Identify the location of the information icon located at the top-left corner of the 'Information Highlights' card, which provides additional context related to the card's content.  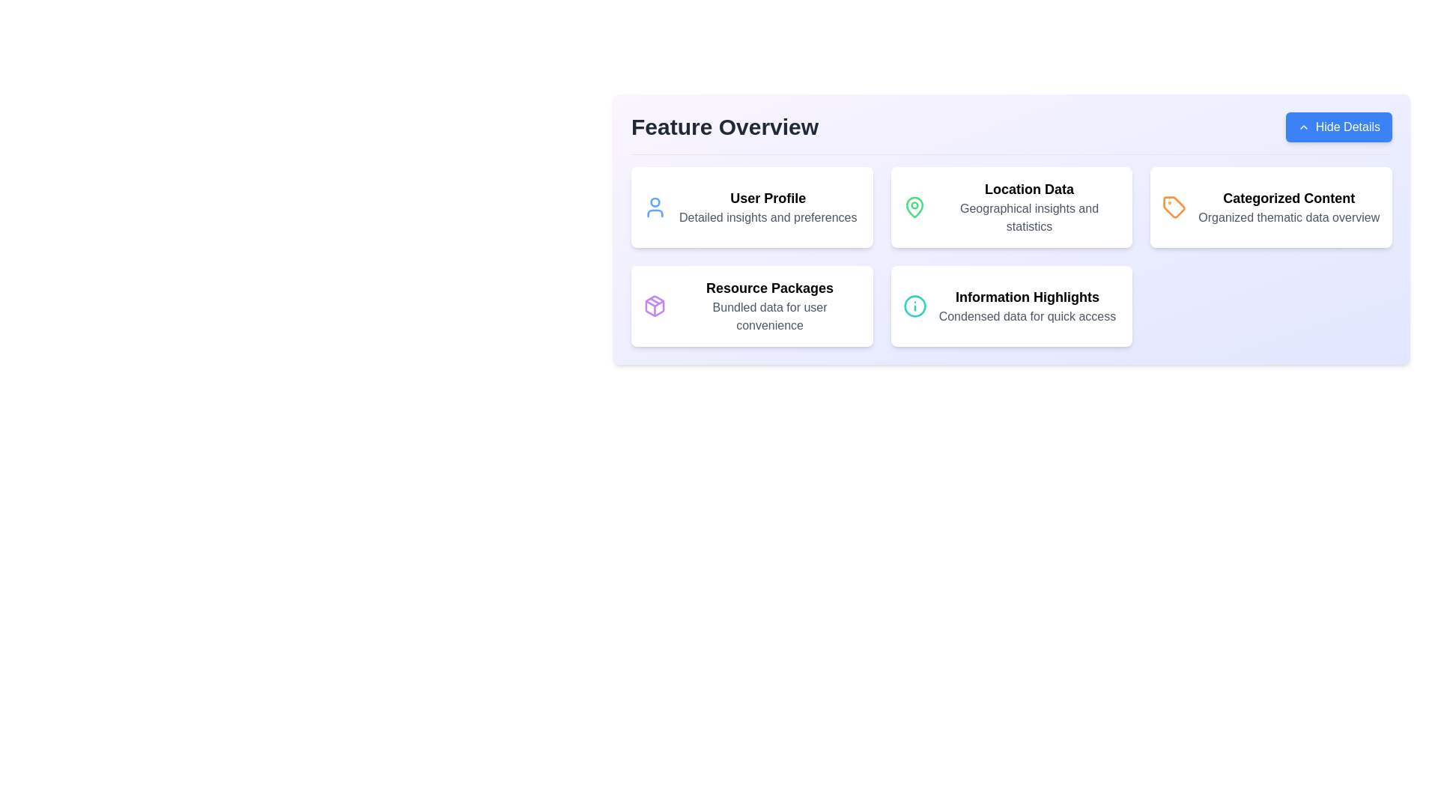
(914, 305).